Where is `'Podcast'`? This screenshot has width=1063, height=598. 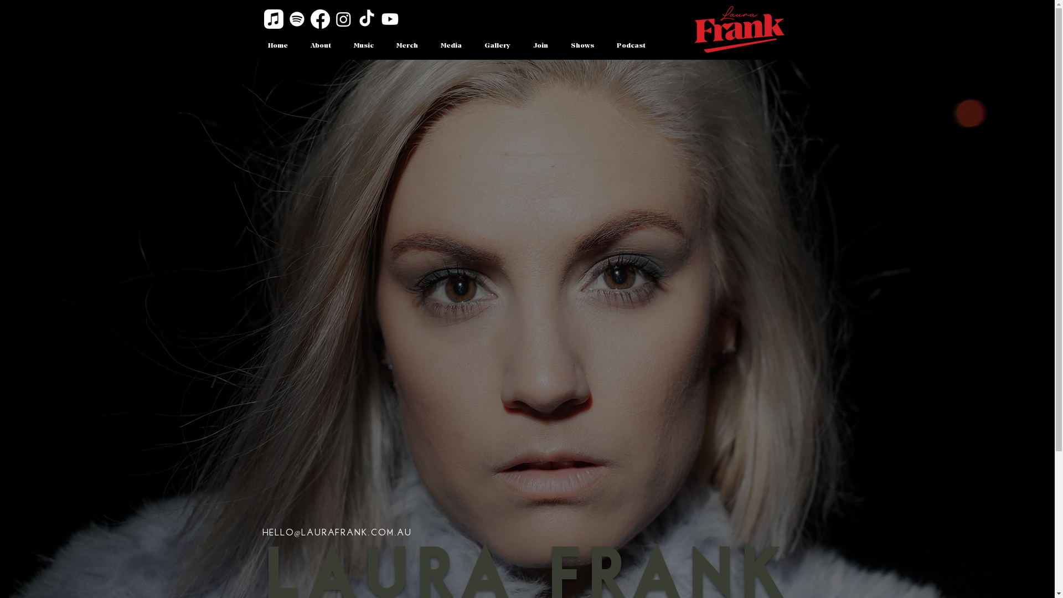 'Podcast' is located at coordinates (631, 45).